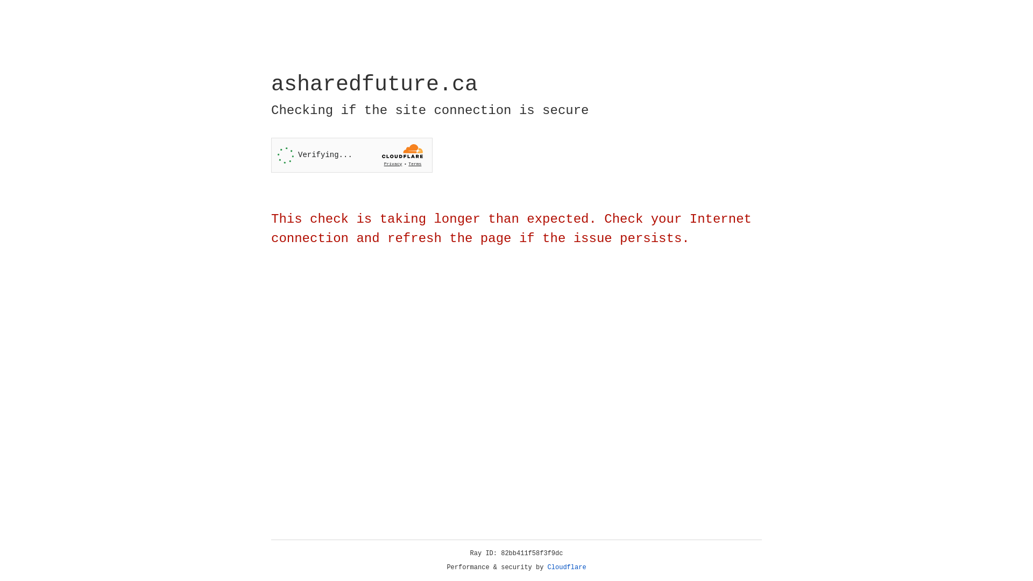 The height and width of the screenshot is (581, 1033). I want to click on 'Cloudflare', so click(547, 567).